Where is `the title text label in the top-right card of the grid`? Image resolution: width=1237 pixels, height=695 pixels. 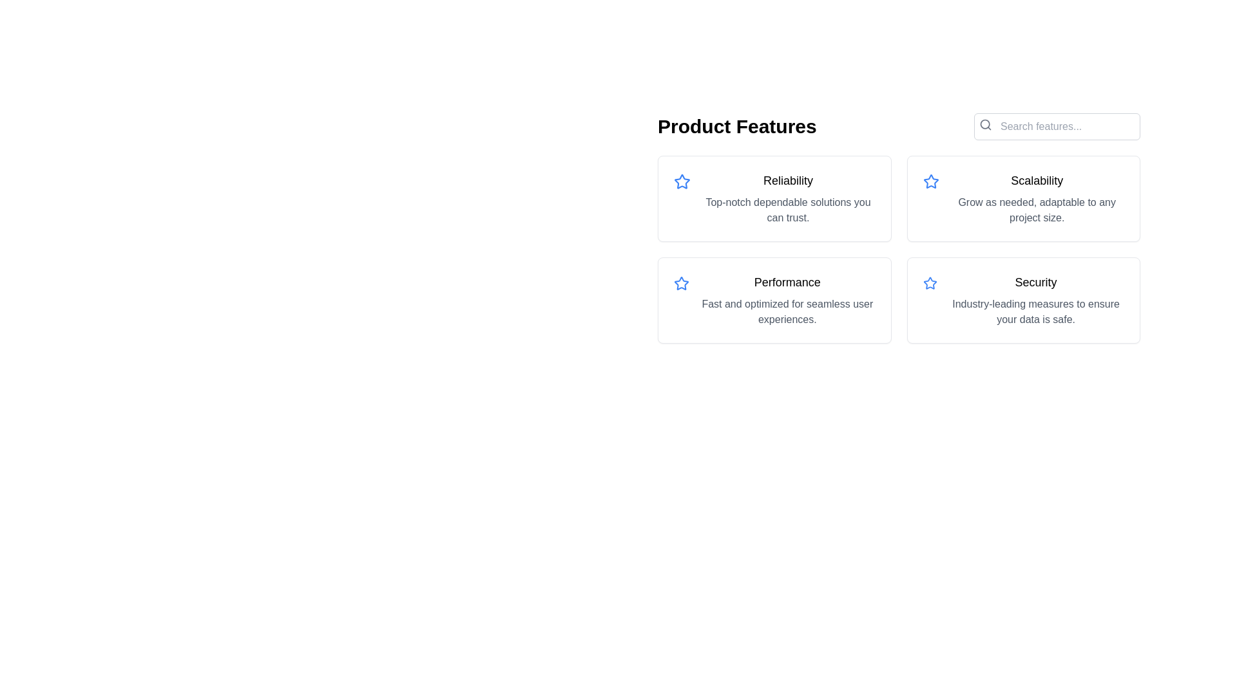
the title text label in the top-right card of the grid is located at coordinates (1037, 181).